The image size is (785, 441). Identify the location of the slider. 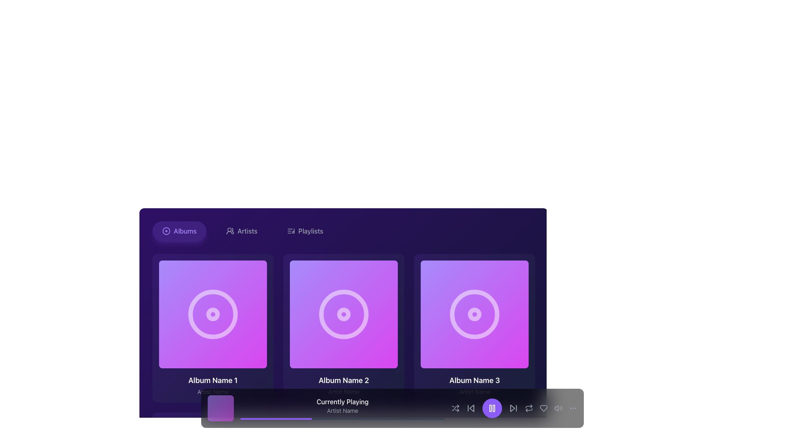
(339, 419).